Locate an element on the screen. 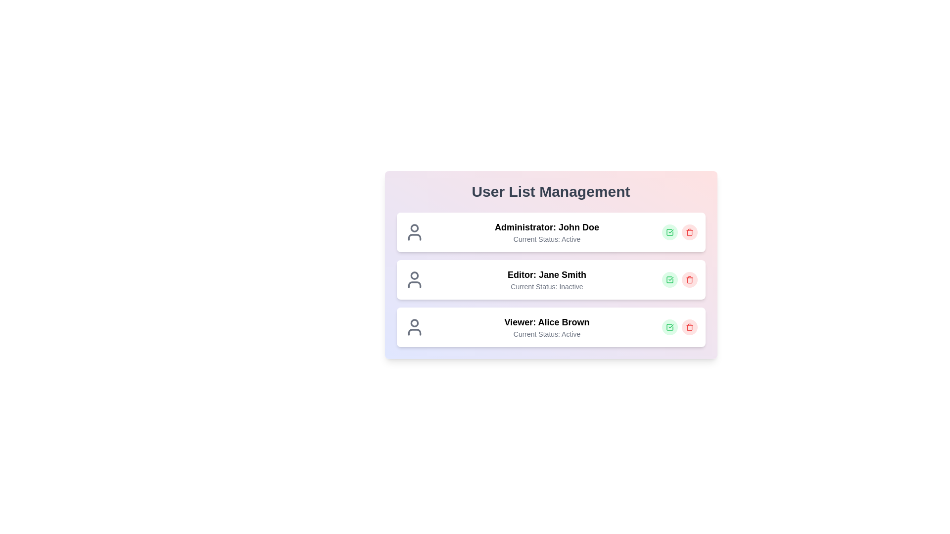 The image size is (950, 534). the confirmation icon for the 'Editor: Jane Smith' entry is located at coordinates (669, 280).